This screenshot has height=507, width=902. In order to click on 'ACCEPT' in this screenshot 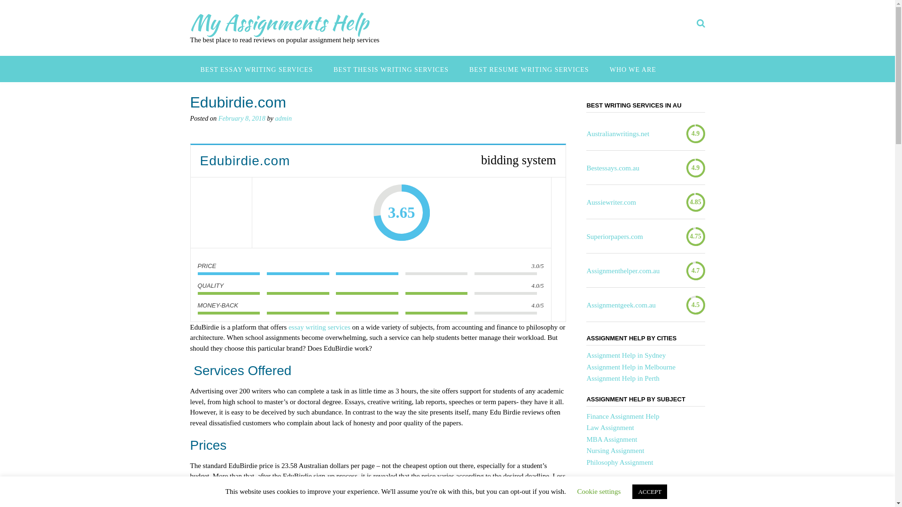, I will do `click(632, 491)`.